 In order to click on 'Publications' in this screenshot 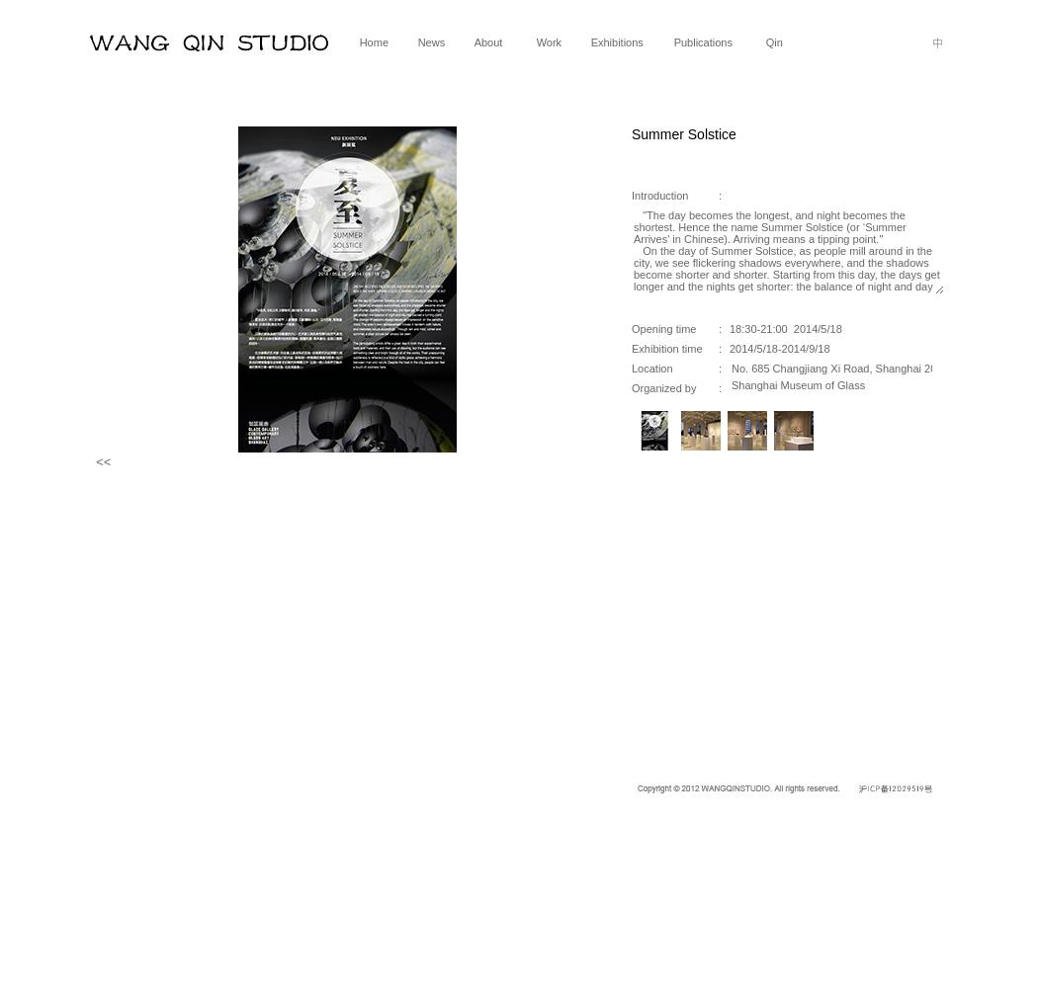, I will do `click(702, 42)`.